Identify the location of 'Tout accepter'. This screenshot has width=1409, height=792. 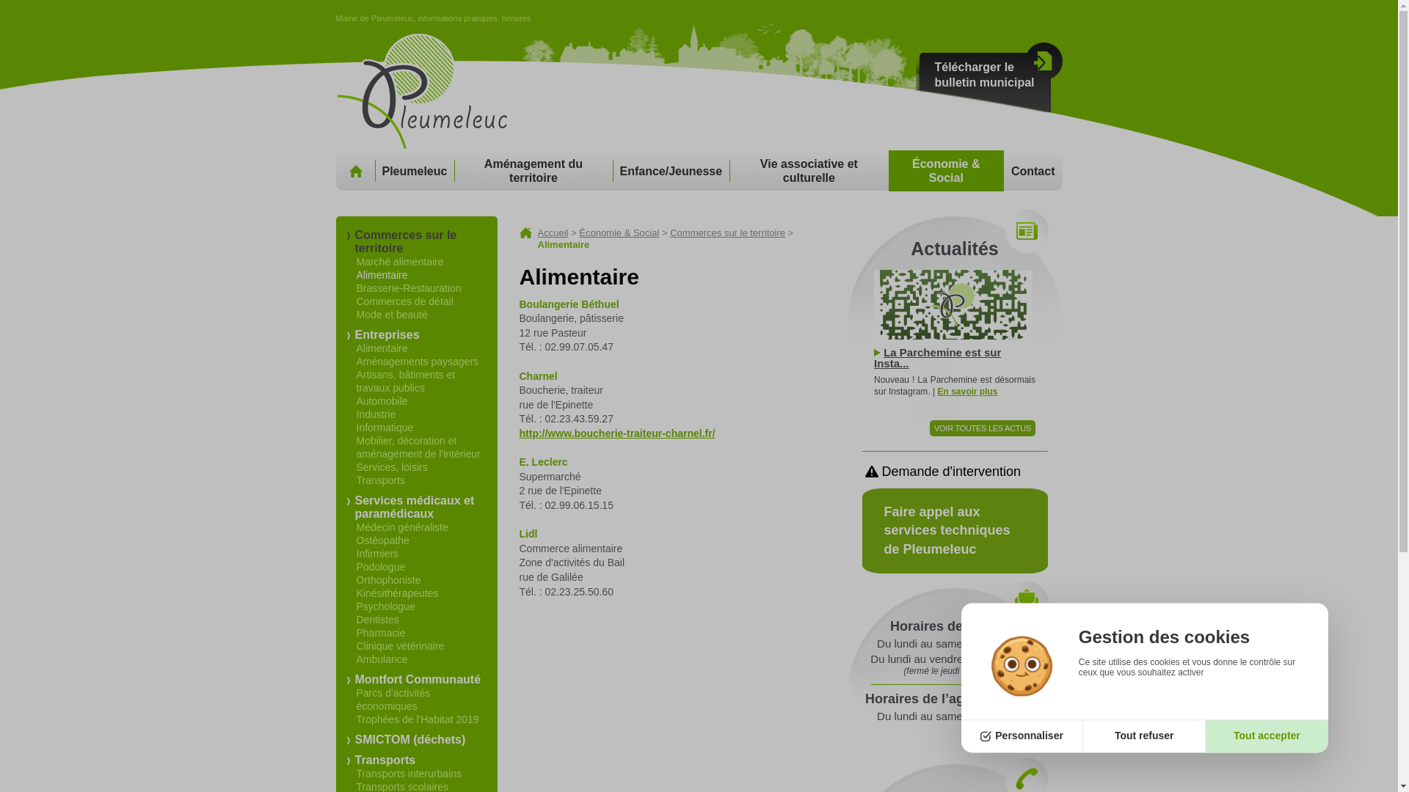
(1205, 736).